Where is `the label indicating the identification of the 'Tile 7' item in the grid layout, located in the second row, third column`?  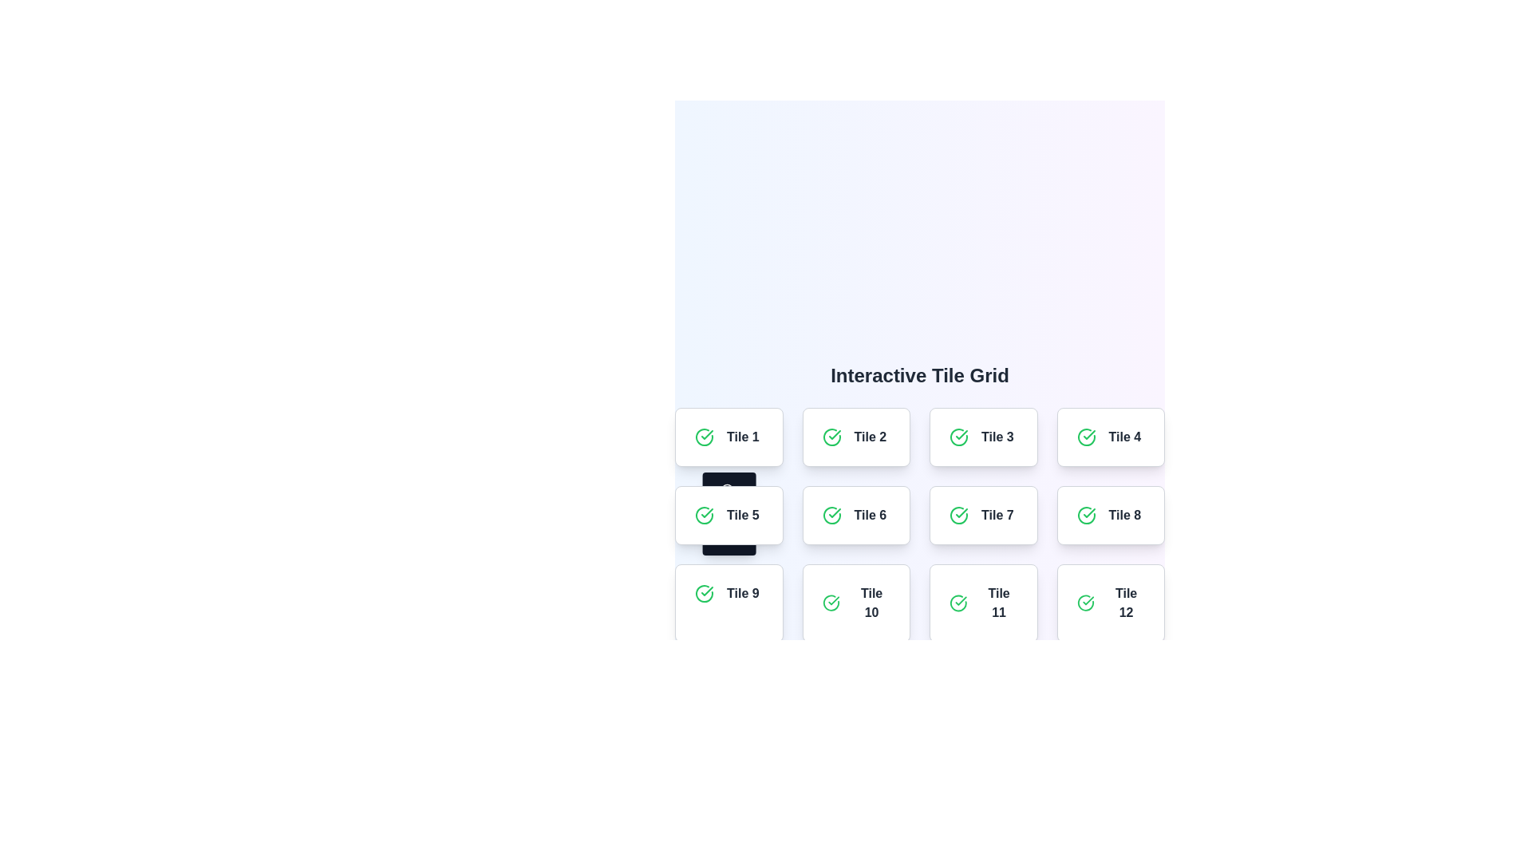 the label indicating the identification of the 'Tile 7' item in the grid layout, located in the second row, third column is located at coordinates (997, 515).